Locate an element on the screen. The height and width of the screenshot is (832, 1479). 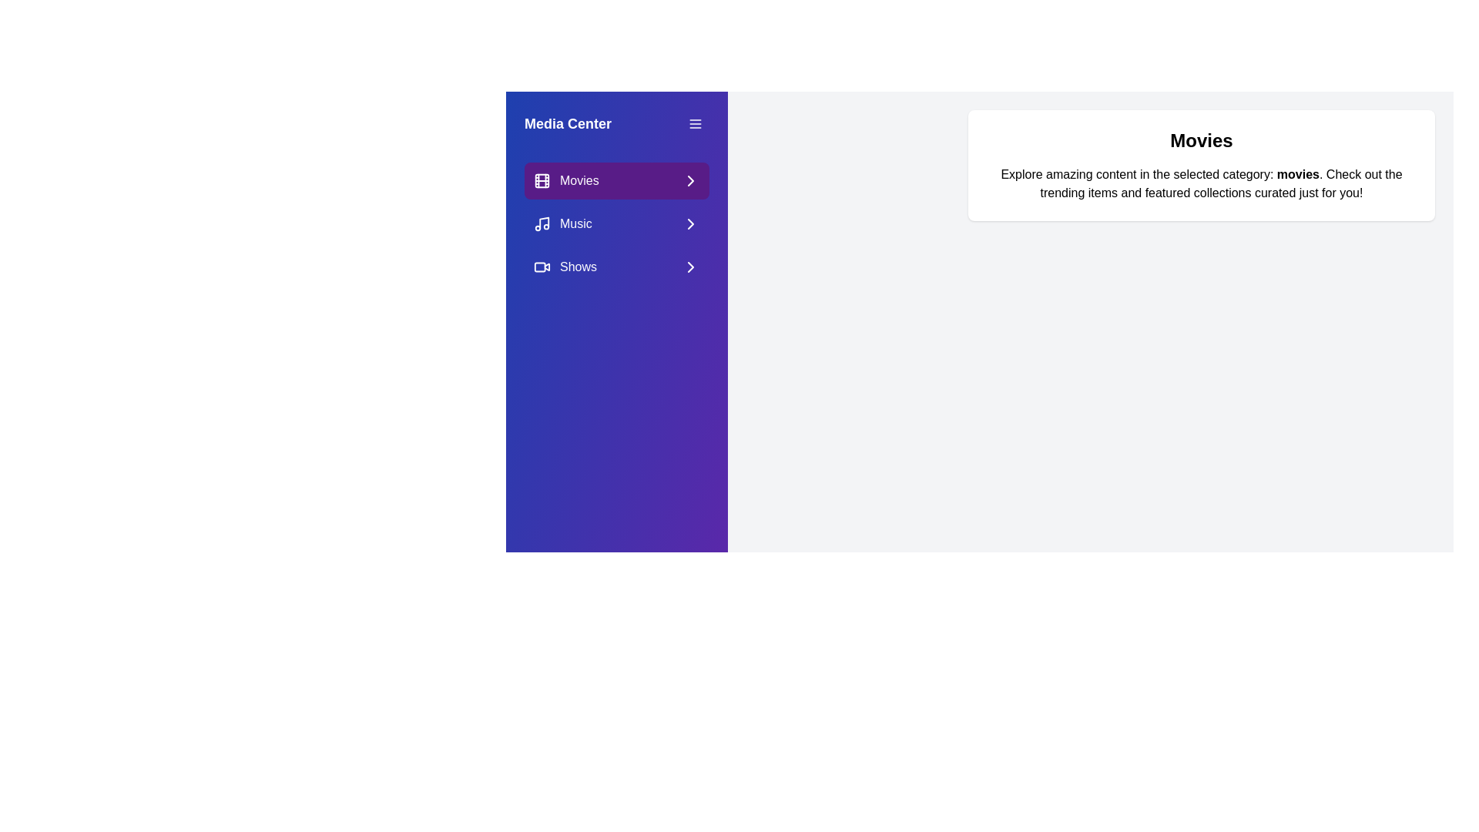
the SVG graphic representing the video symbol is located at coordinates (540, 267).